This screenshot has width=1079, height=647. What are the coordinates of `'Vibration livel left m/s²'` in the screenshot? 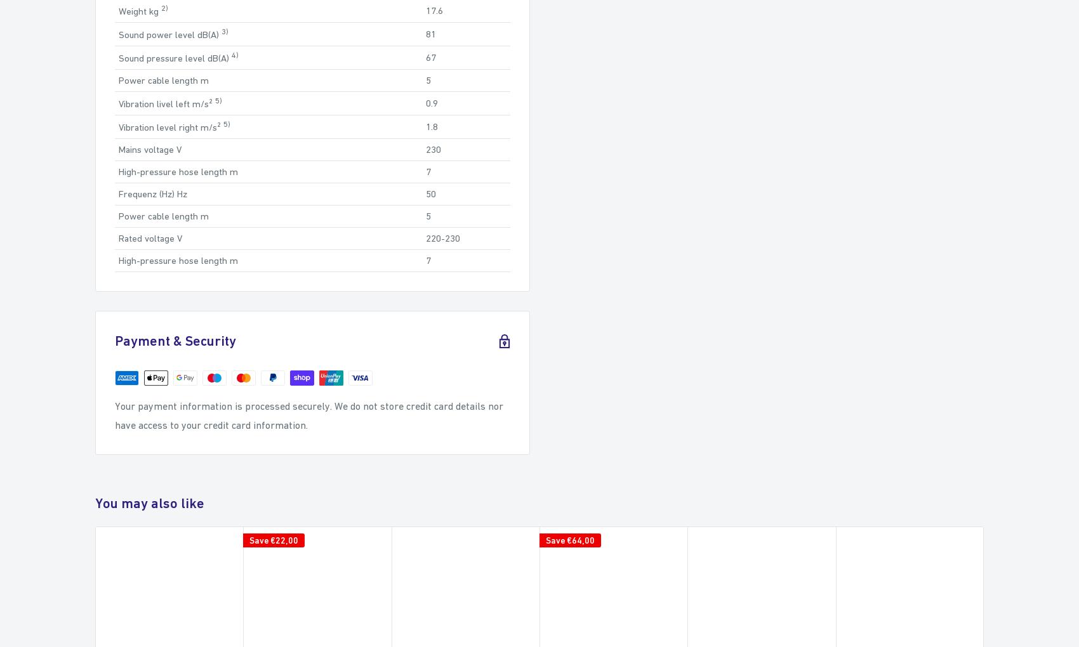 It's located at (166, 103).